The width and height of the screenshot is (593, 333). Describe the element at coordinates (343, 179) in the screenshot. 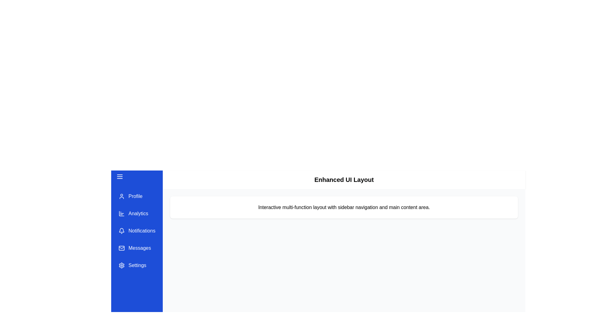

I see `the text block labeled 'Enhanced UI Layout', which is prominently styled and positioned at the top of the content area` at that location.